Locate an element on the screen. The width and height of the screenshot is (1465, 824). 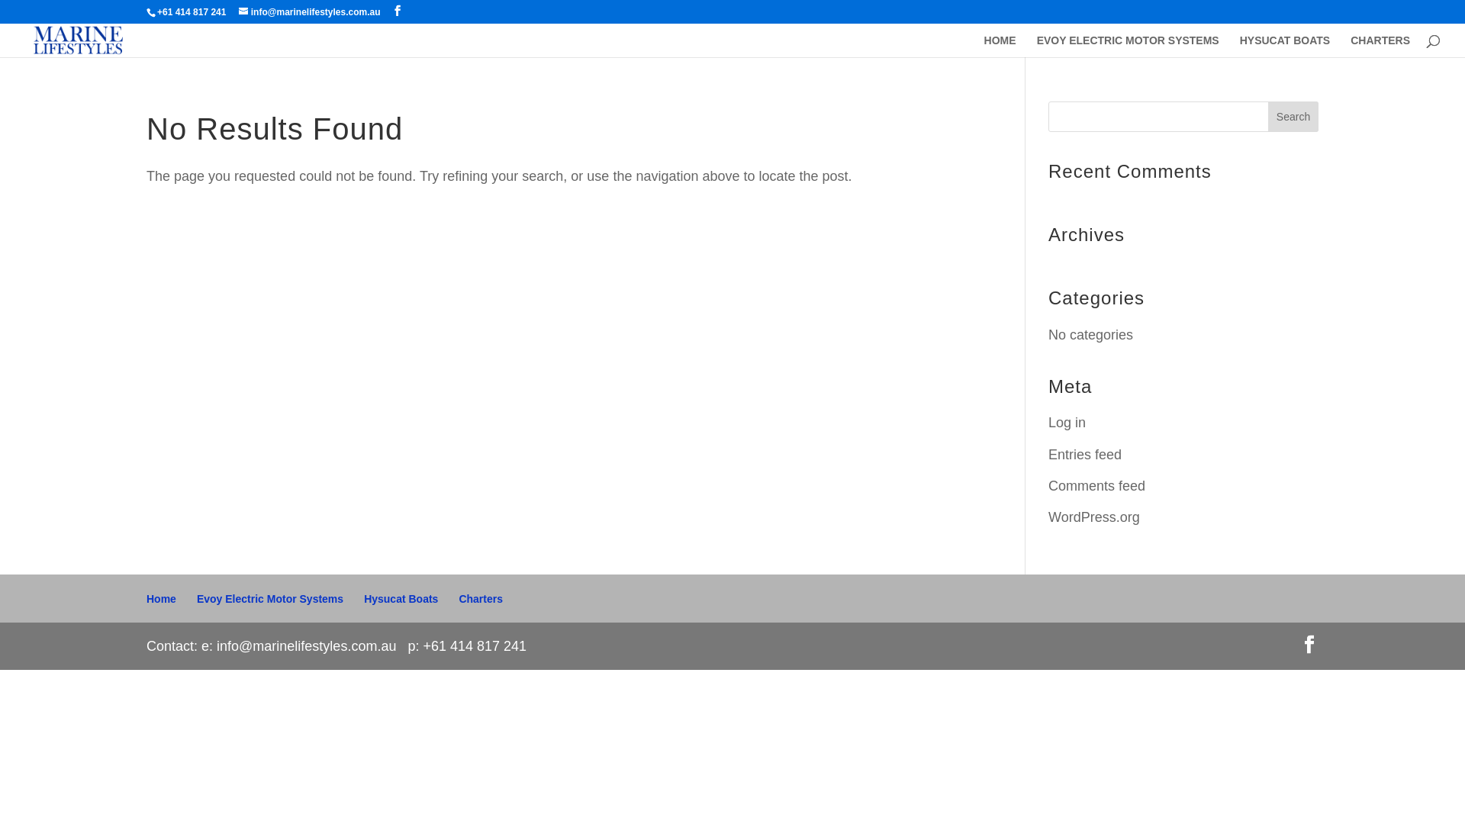
'HOME' is located at coordinates (1000, 45).